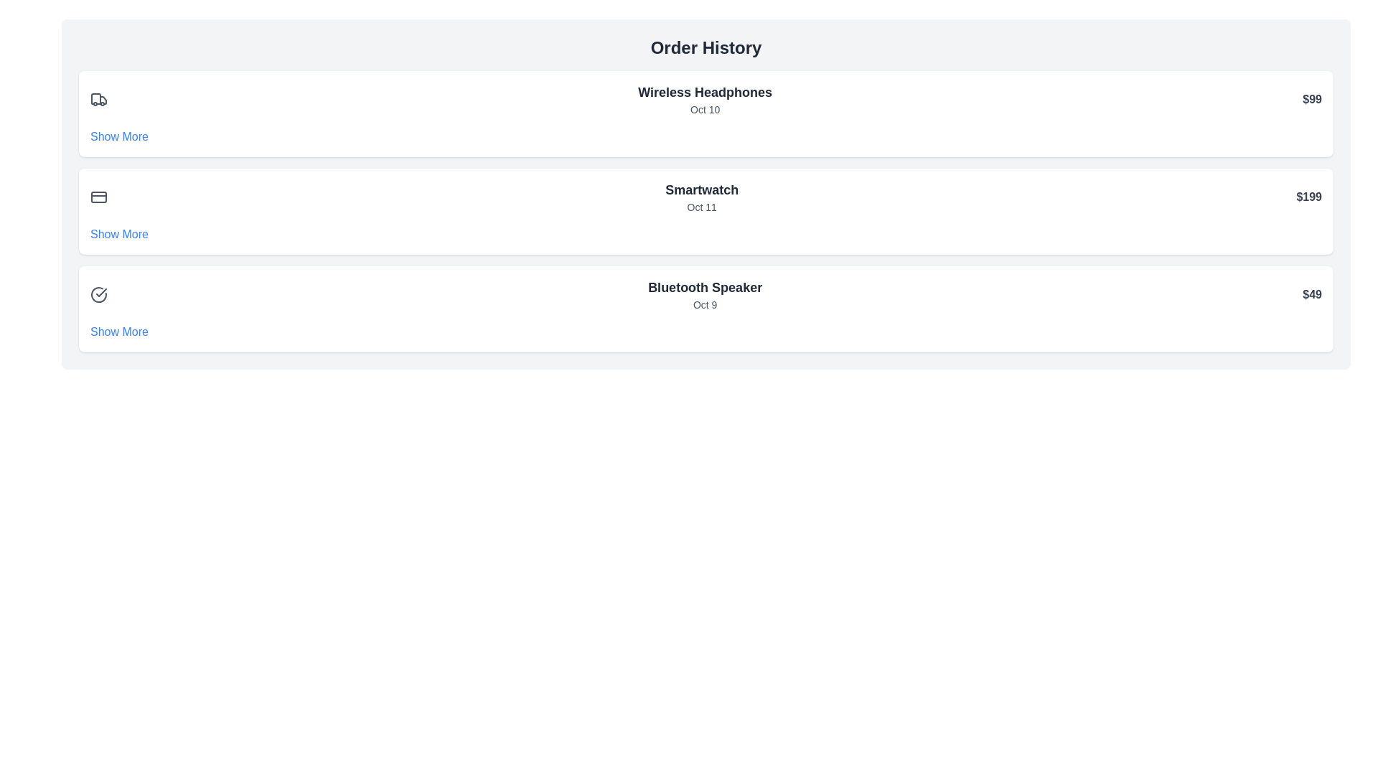 The height and width of the screenshot is (775, 1378). What do you see at coordinates (705, 109) in the screenshot?
I see `the static text element displaying 'Oct 10', which is positioned below 'Wireless Headphones' in a muted gray font` at bounding box center [705, 109].